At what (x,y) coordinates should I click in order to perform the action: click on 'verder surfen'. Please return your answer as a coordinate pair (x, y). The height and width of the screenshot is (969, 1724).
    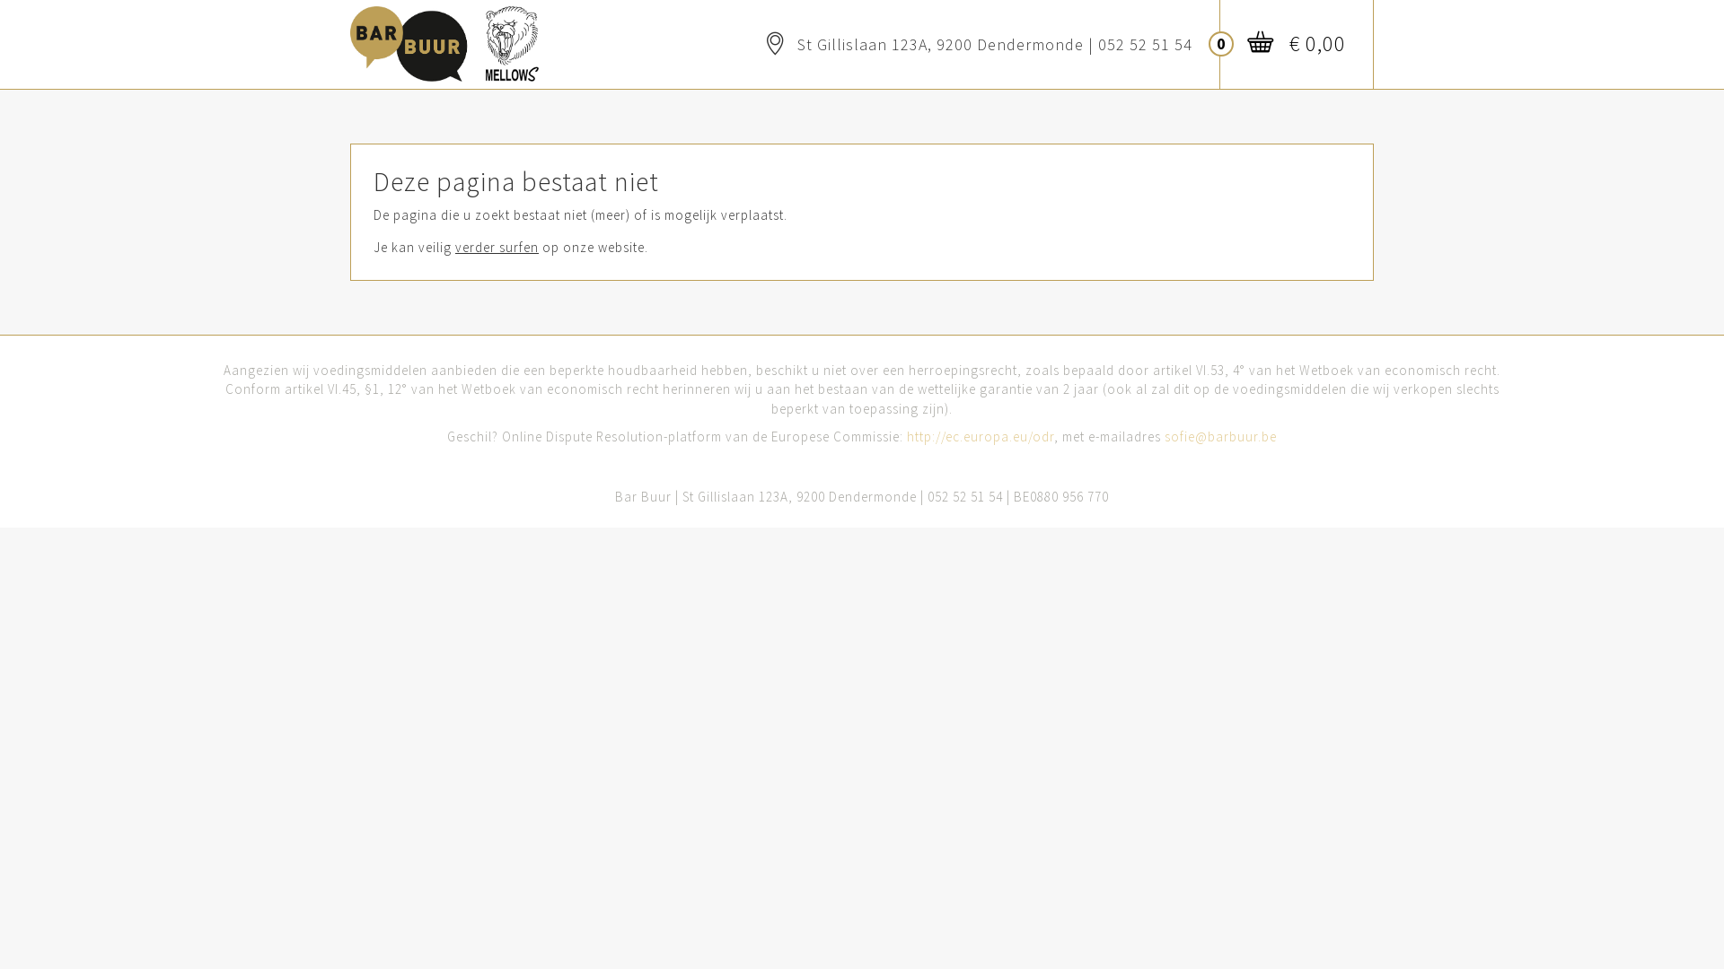
    Looking at the image, I should click on (497, 247).